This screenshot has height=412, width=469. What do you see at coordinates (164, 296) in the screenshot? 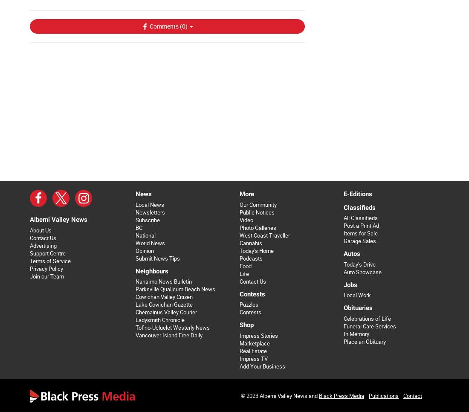
I see `'Cowichan Valley Citizen'` at bounding box center [164, 296].